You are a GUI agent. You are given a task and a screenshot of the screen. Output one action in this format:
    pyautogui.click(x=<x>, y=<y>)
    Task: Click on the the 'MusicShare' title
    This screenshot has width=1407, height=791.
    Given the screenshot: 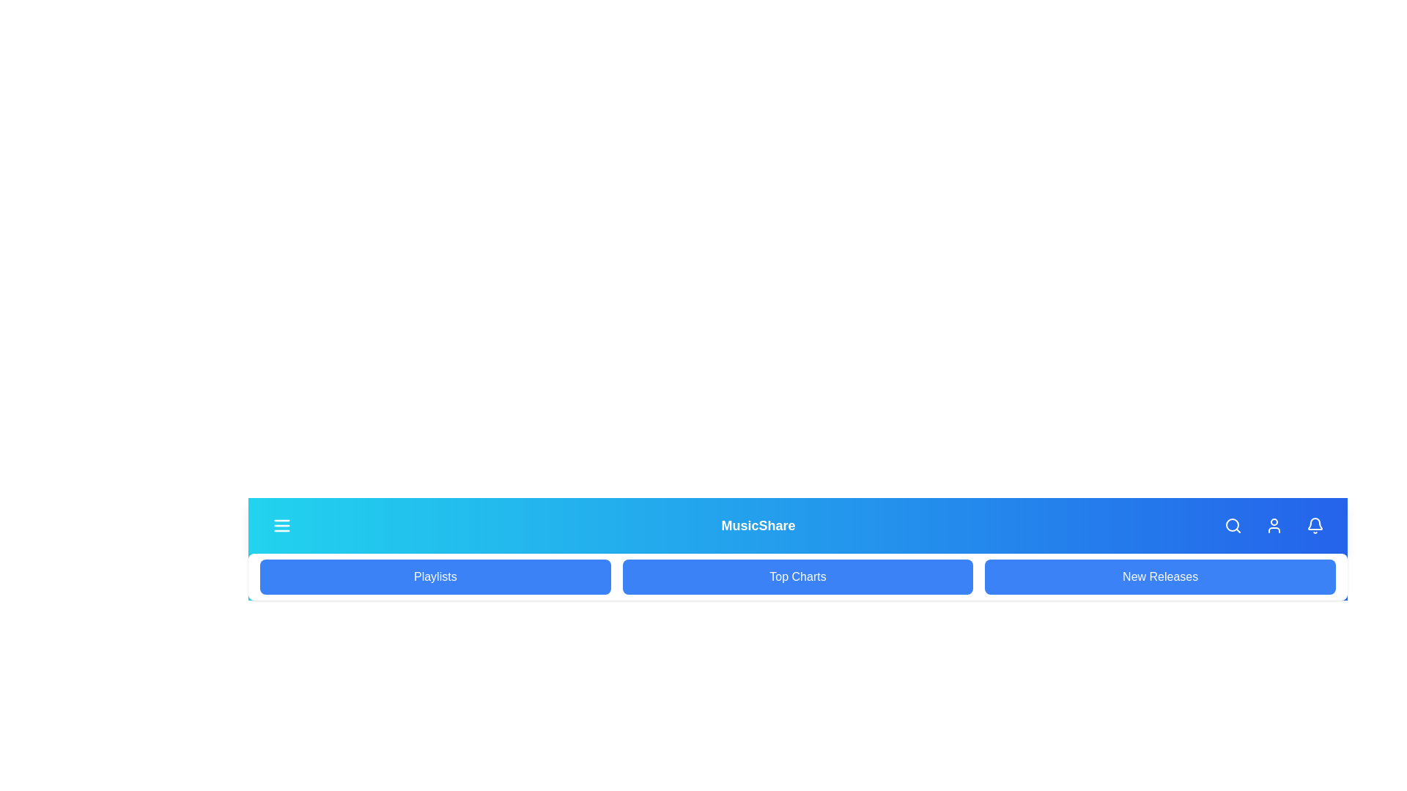 What is the action you would take?
    pyautogui.click(x=758, y=524)
    